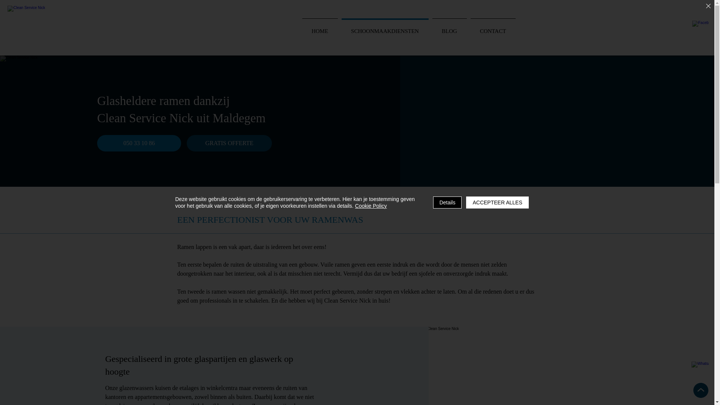 The image size is (720, 405). Describe the element at coordinates (339, 27) in the screenshot. I see `'SCHOONMAAKDIENSTEN'` at that location.